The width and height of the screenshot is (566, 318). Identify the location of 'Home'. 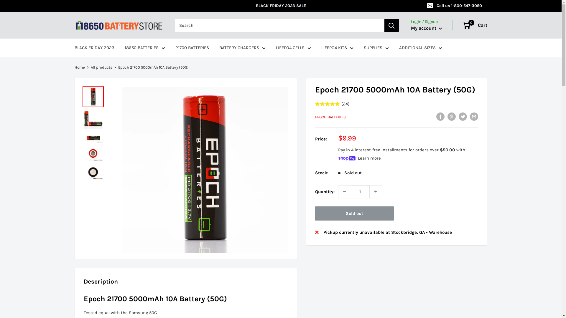
(79, 67).